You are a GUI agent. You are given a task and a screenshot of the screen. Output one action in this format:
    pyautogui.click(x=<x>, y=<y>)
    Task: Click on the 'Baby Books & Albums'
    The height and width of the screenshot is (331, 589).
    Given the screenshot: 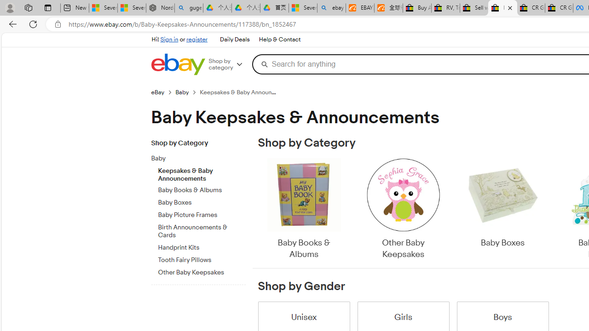 What is the action you would take?
    pyautogui.click(x=304, y=209)
    